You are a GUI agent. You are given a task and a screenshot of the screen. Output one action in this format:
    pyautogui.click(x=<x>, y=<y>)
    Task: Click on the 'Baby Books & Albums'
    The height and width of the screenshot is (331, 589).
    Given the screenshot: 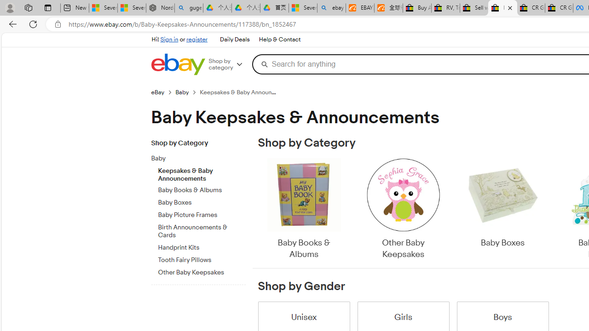 What is the action you would take?
    pyautogui.click(x=304, y=209)
    